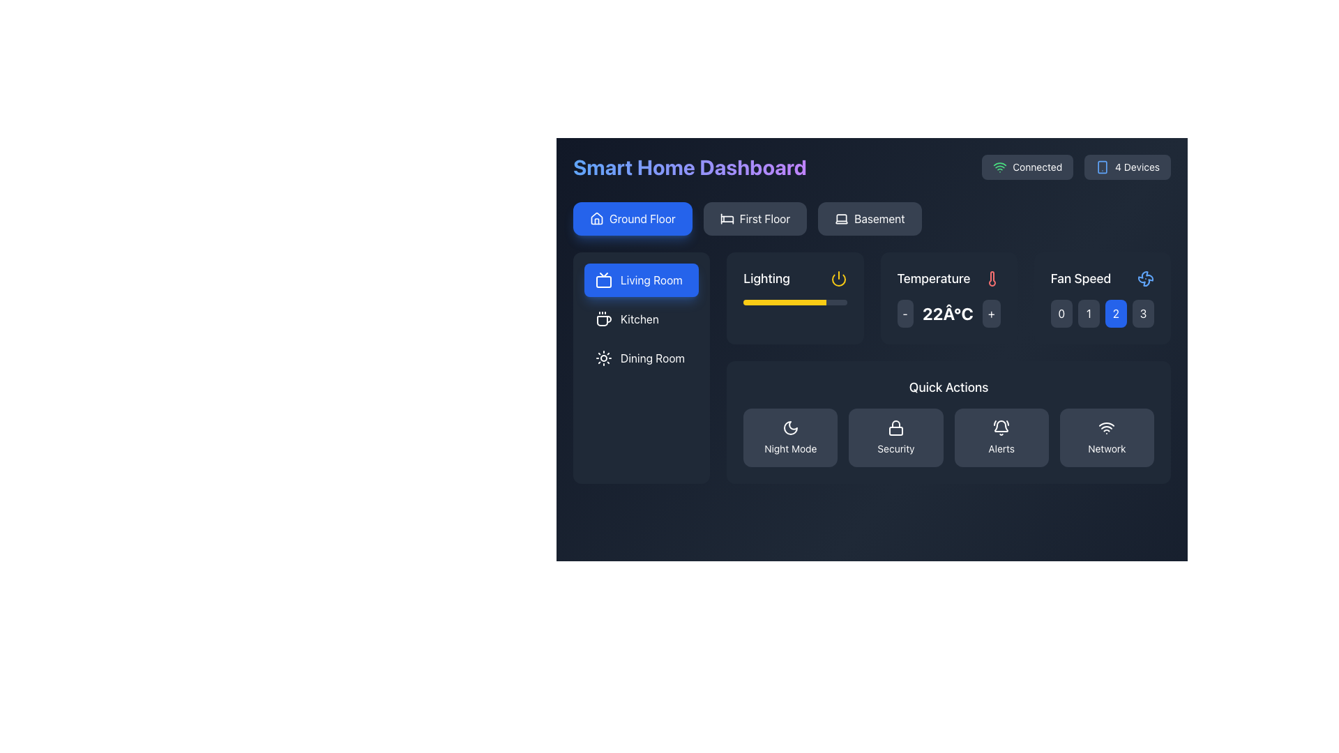  I want to click on label 'Basement' inside the navigation button that has white text on a dark gray background, located in the top-center area of the interface, so click(879, 218).